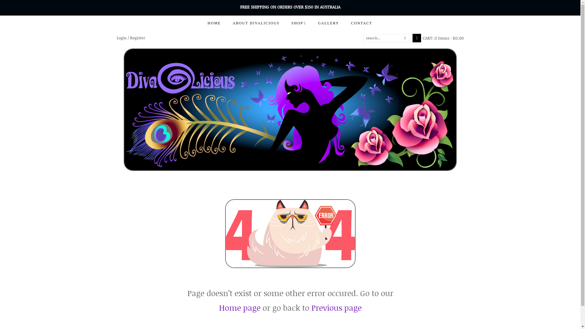  Describe the element at coordinates (311, 308) in the screenshot. I see `'Previous page'` at that location.